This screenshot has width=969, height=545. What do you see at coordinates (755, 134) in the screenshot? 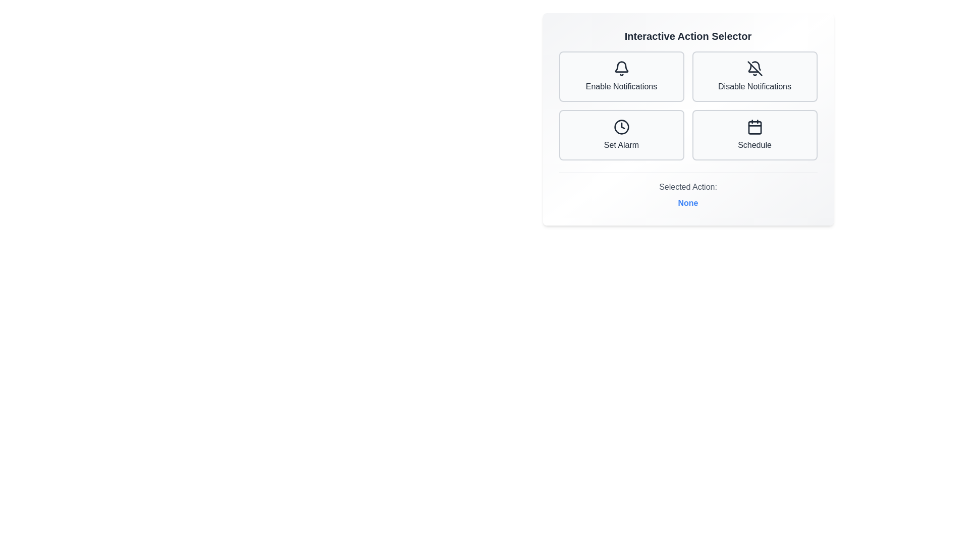
I see `the button corresponding to Schedule` at bounding box center [755, 134].